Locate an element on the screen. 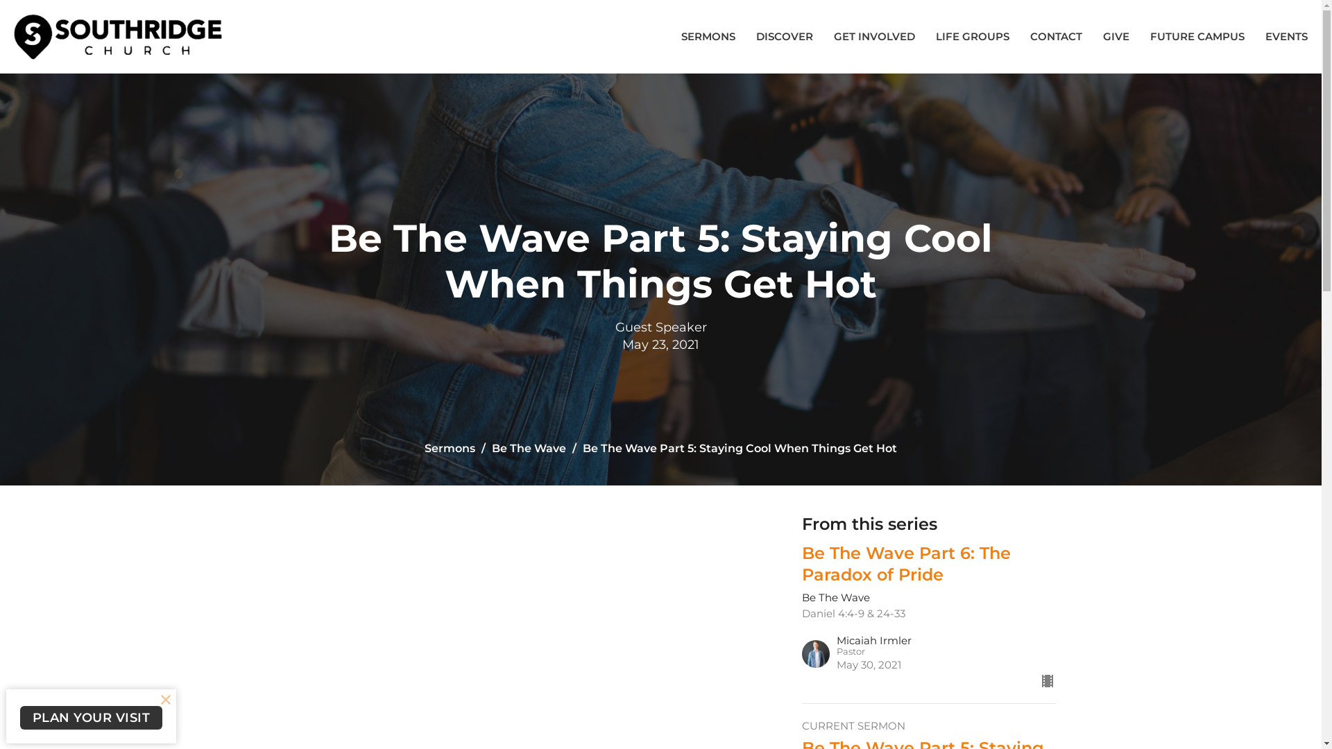 Image resolution: width=1332 pixels, height=749 pixels. 'LIFE GROUPS' is located at coordinates (971, 35).